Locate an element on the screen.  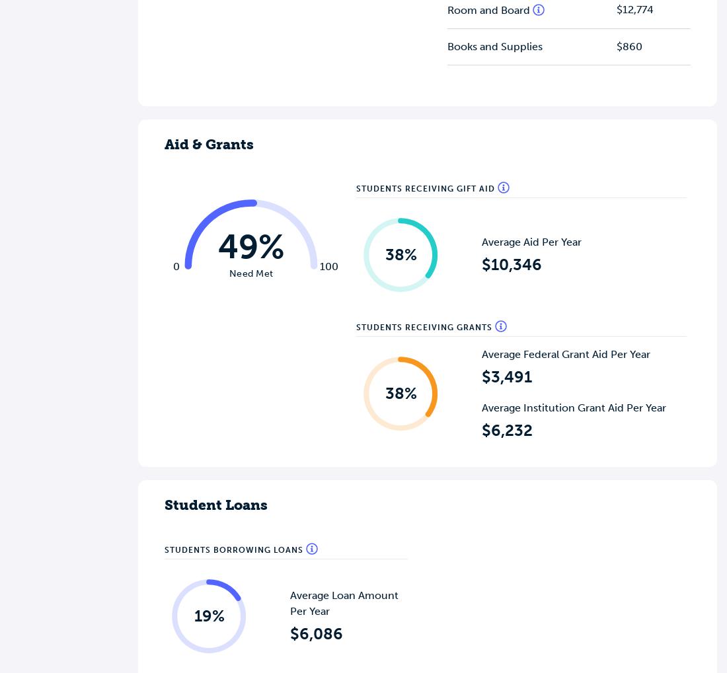
'$6,232' is located at coordinates (507, 429).